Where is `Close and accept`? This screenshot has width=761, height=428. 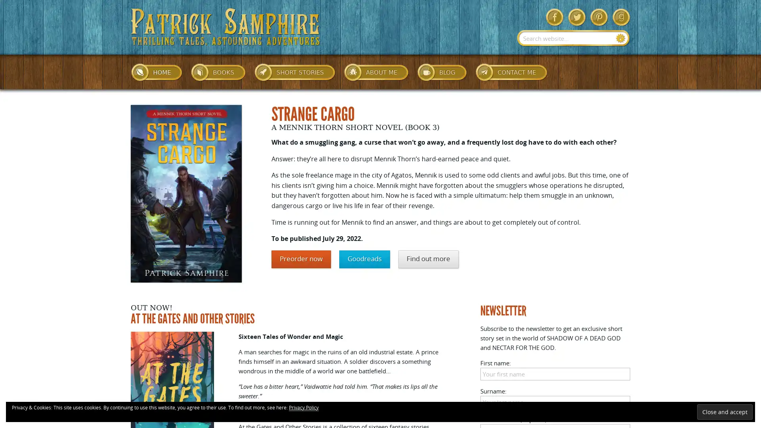
Close and accept is located at coordinates (725, 411).